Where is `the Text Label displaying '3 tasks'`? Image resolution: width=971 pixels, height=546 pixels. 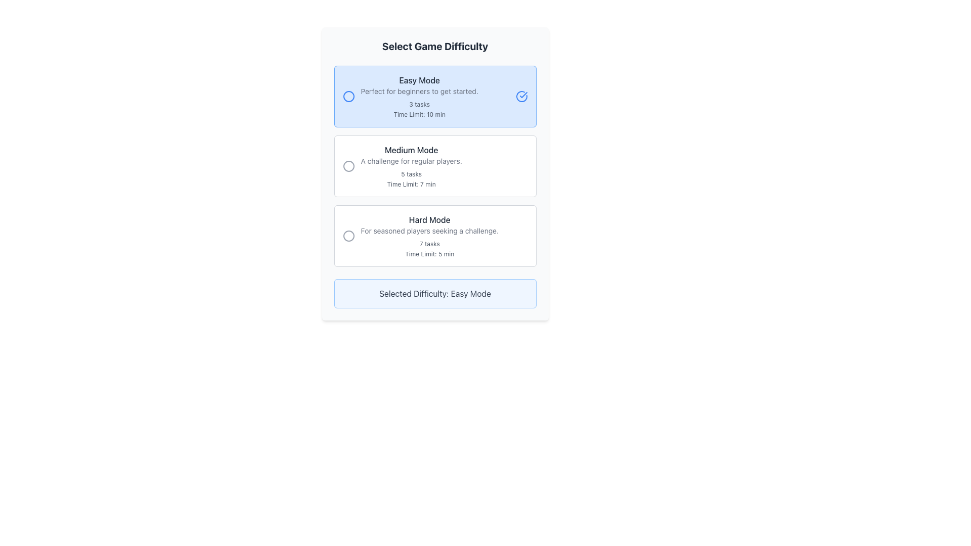 the Text Label displaying '3 tasks' is located at coordinates (419, 105).